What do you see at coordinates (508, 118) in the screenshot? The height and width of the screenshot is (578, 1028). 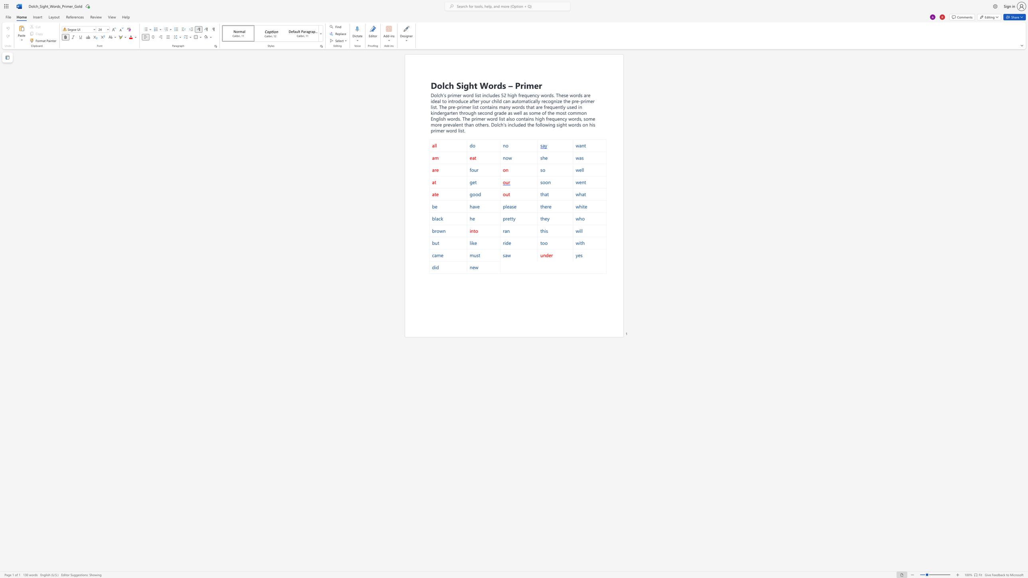 I see `the subset text "ls" within the text "used in kindergarten through second grade as well as some of the most common English words. The primer word list also"` at bounding box center [508, 118].